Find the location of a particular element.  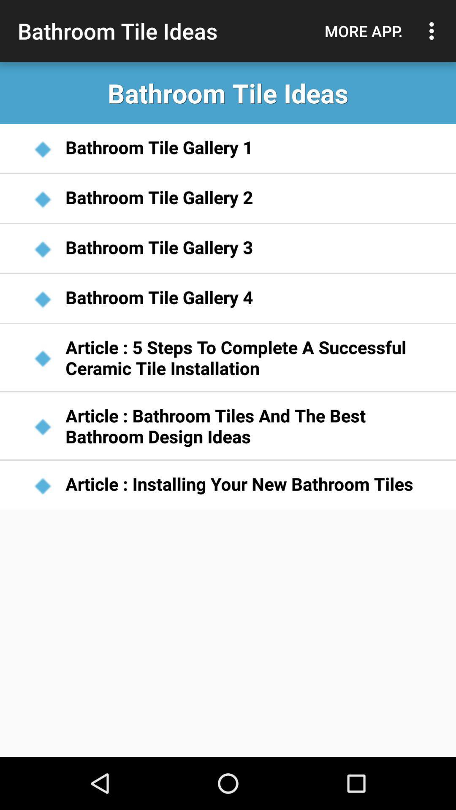

the icon next to the more app. item is located at coordinates (434, 31).